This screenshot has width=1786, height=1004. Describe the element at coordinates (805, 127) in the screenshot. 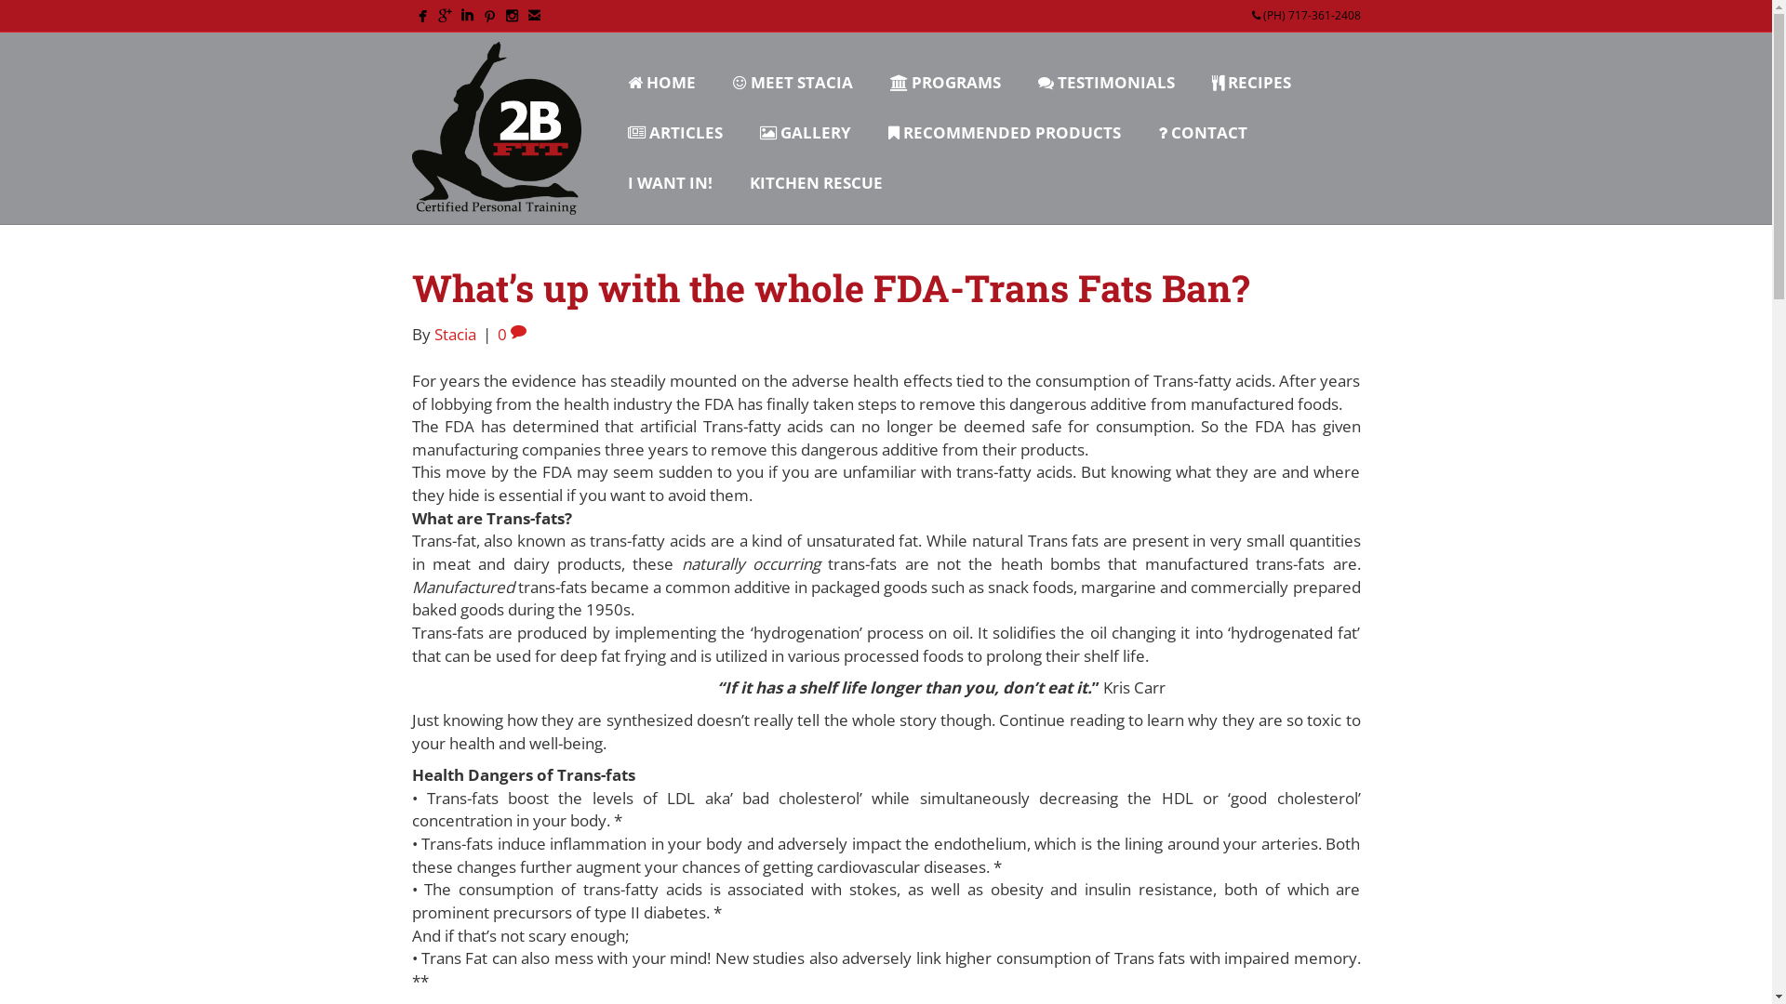

I see `'GALLERY'` at that location.